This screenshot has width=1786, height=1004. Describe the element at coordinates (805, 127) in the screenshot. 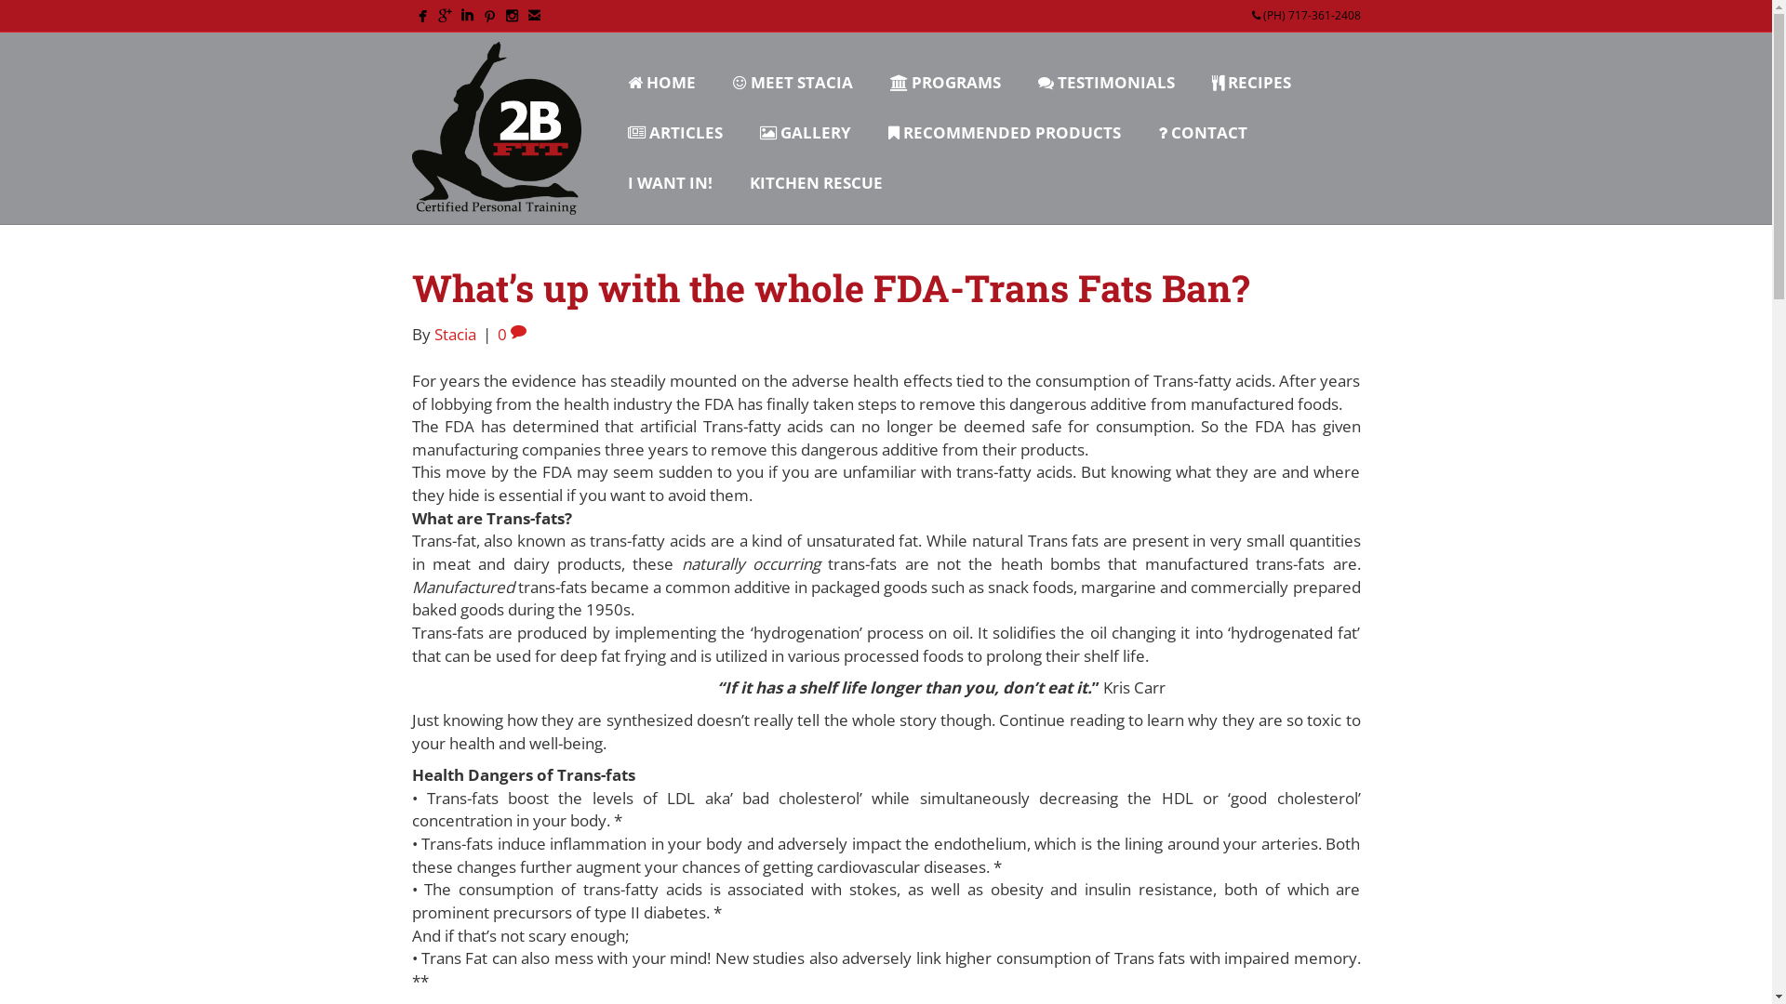

I see `'GALLERY'` at that location.